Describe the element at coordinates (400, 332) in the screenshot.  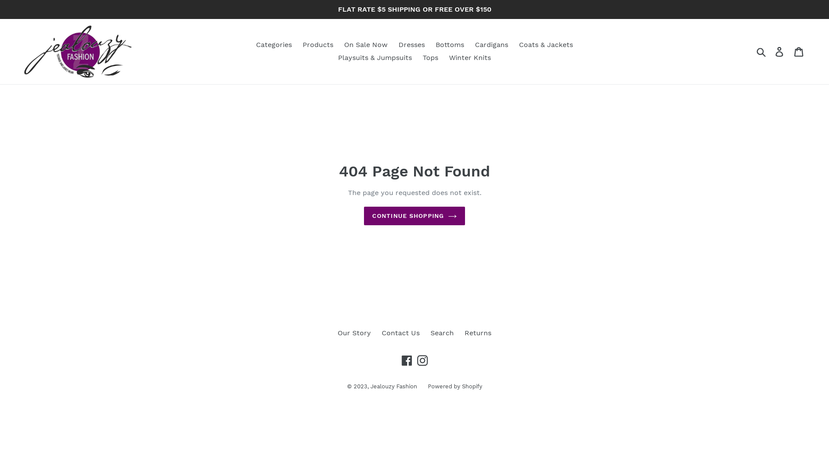
I see `'Contact Us'` at that location.